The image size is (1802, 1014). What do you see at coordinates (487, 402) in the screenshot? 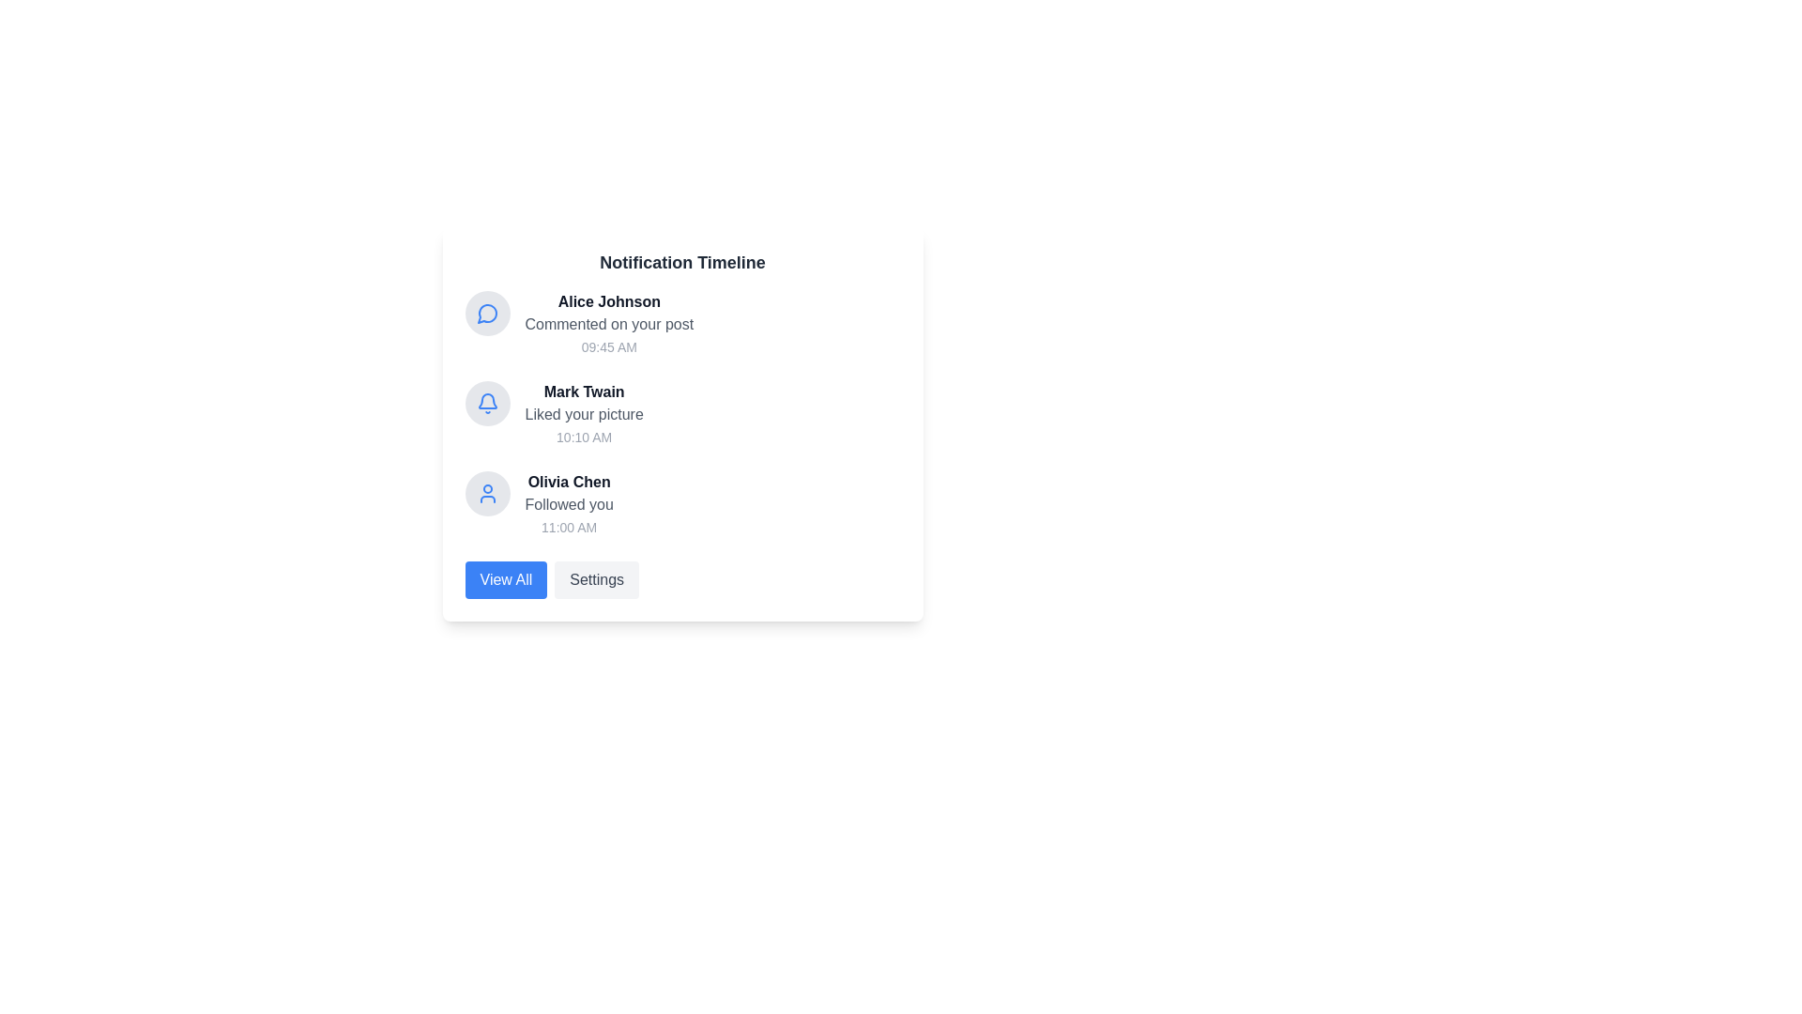
I see `the circular gray bell icon with a blue outline located to the left of the notification entry for 'Mark Twain'` at bounding box center [487, 402].